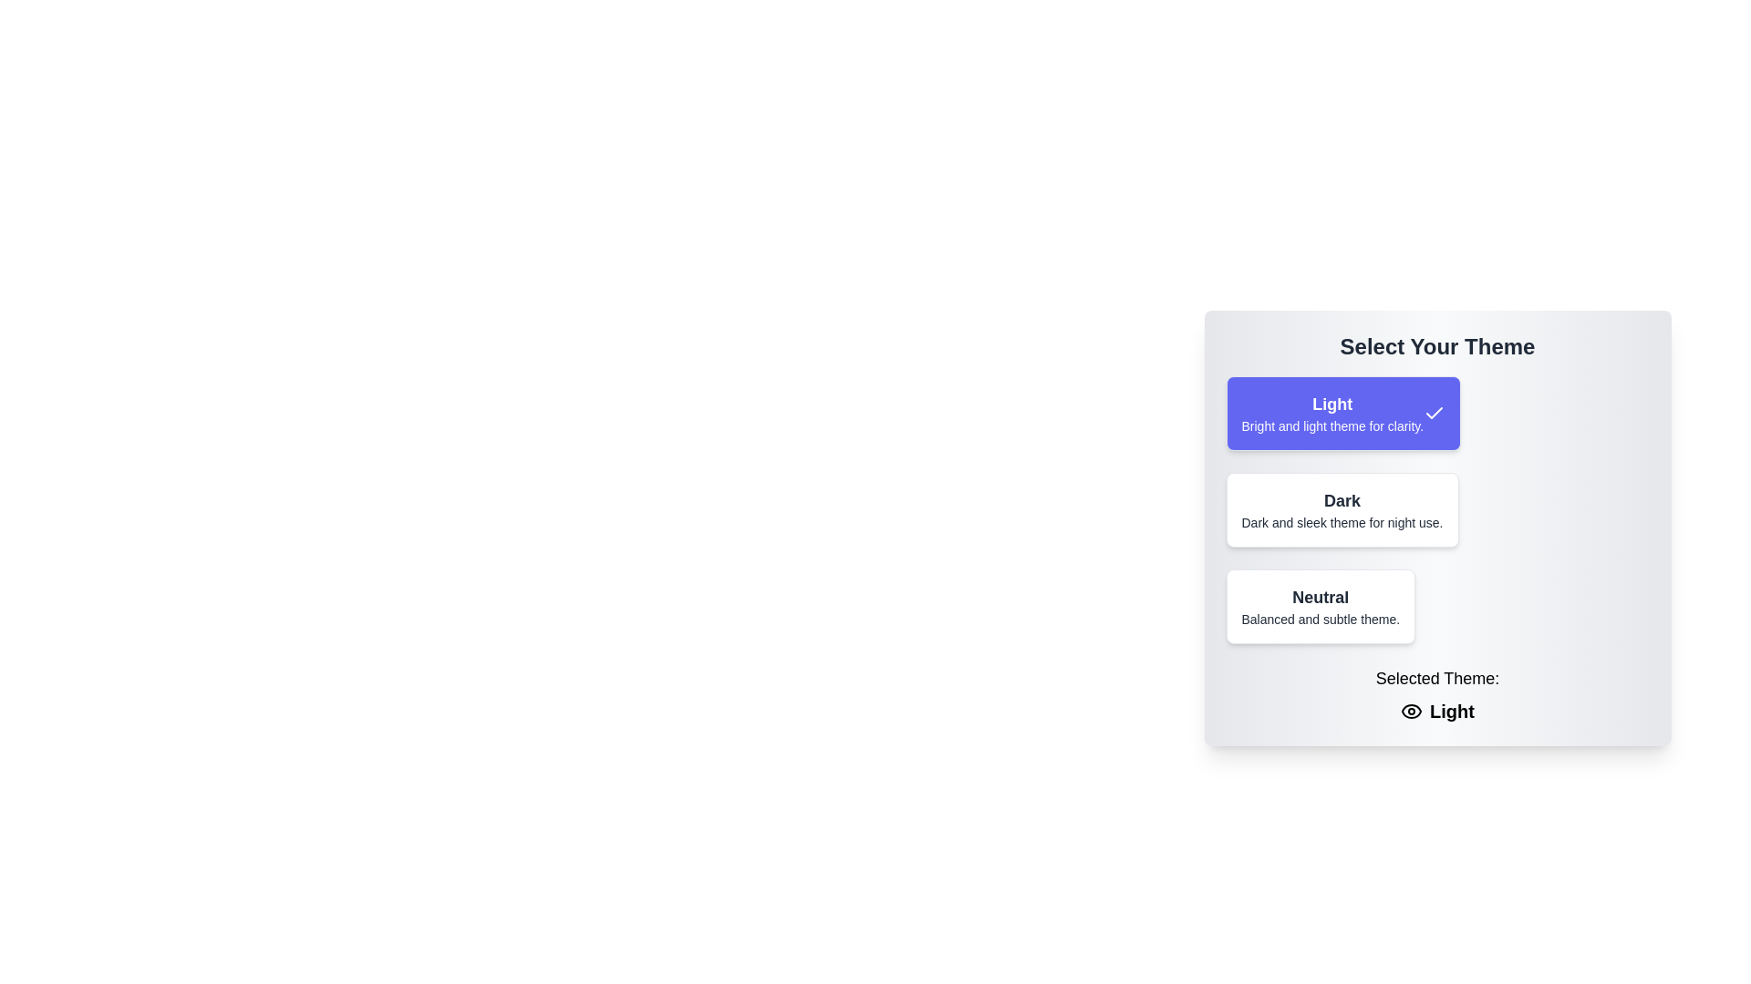 This screenshot has height=984, width=1751. Describe the element at coordinates (1411, 710) in the screenshot. I see `the outer eye contour of the SVG icon representing visibility, located next to the 'Light' label under 'Selected Theme:' text` at that location.